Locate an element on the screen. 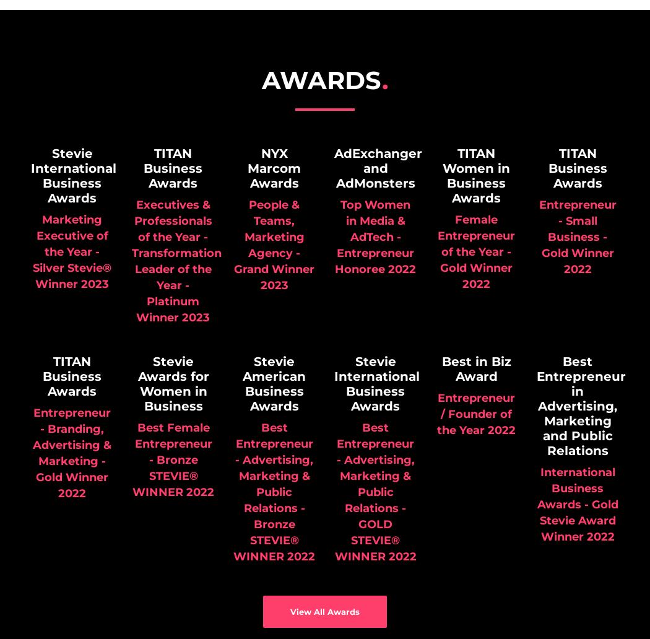  'Entrepreneur - Branding, Advertising & Marketing - Gold Winner 2022' is located at coordinates (32, 452).